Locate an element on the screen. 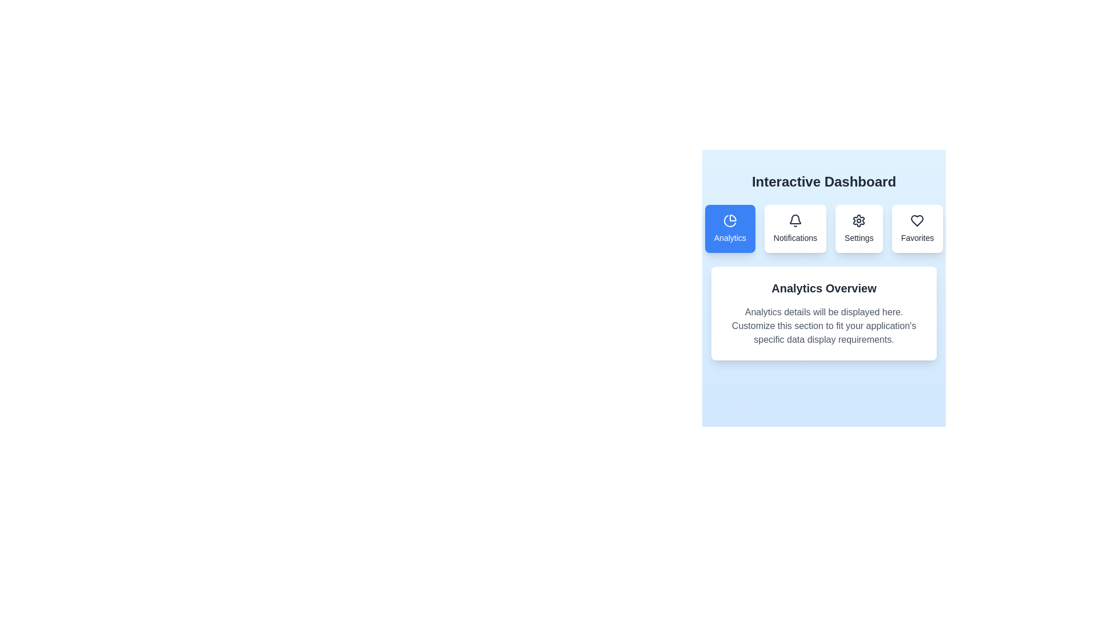 The image size is (1098, 618). the Notifications button text label located within the second button in the horizontal arrangement at the top of the Interactive Dashboard interface is located at coordinates (794, 237).